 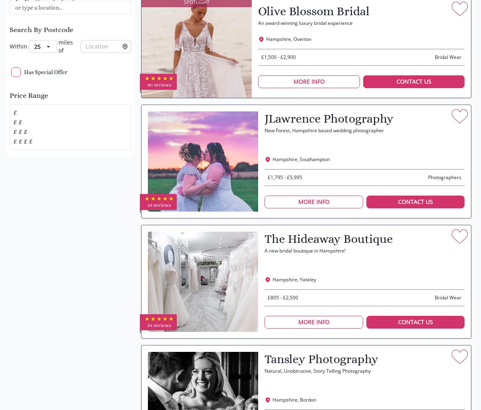 What do you see at coordinates (279, 57) in the screenshot?
I see `'£1,500 - £2,900'` at bounding box center [279, 57].